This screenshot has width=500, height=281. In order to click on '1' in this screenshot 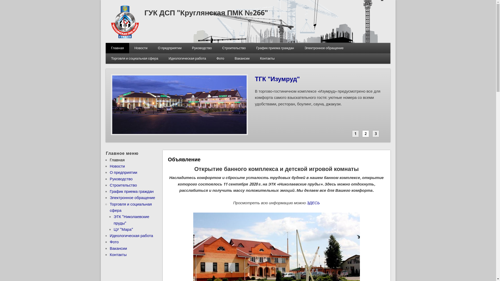, I will do `click(352, 133)`.